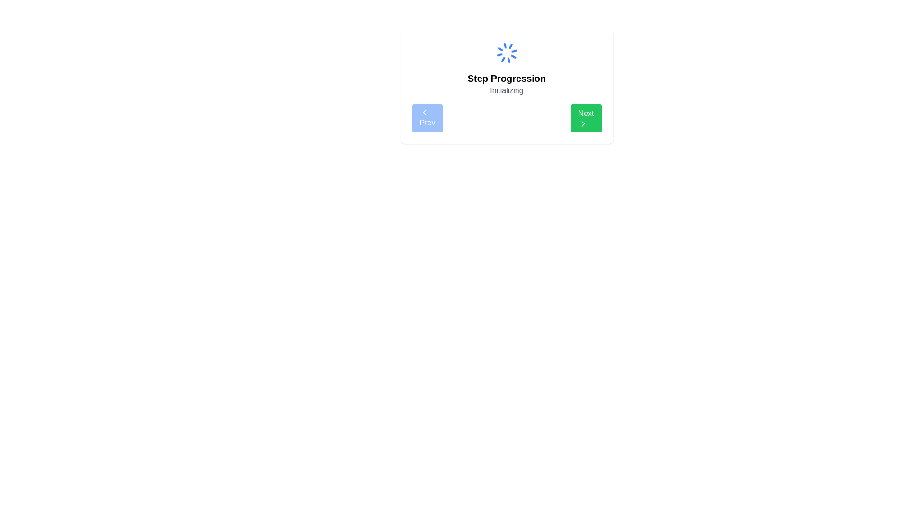 This screenshot has width=909, height=511. Describe the element at coordinates (506, 91) in the screenshot. I see `the Text Label that serves as a status indicator, located below the 'Step Progression' heading and above the navigation bar with 'Prev' and 'Next' buttons` at that location.